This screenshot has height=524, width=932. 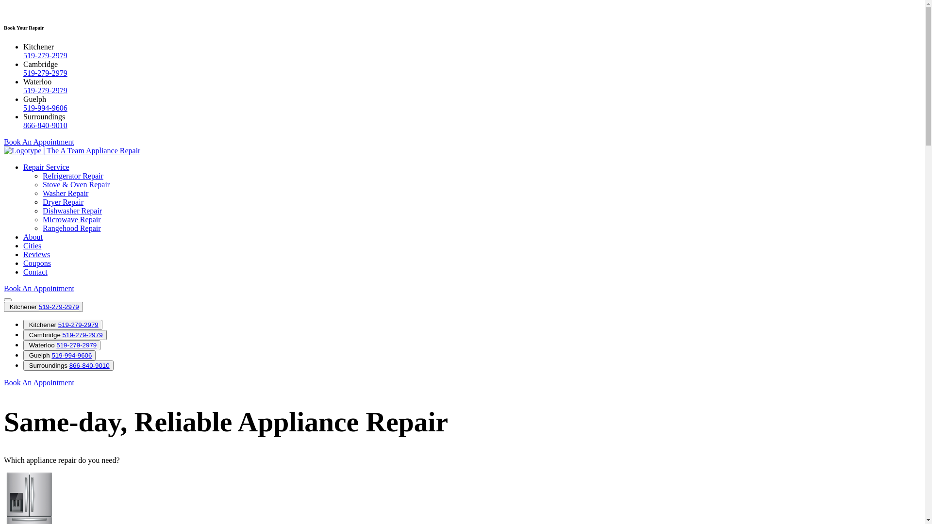 What do you see at coordinates (76, 184) in the screenshot?
I see `'Stove & Oven Repair'` at bounding box center [76, 184].